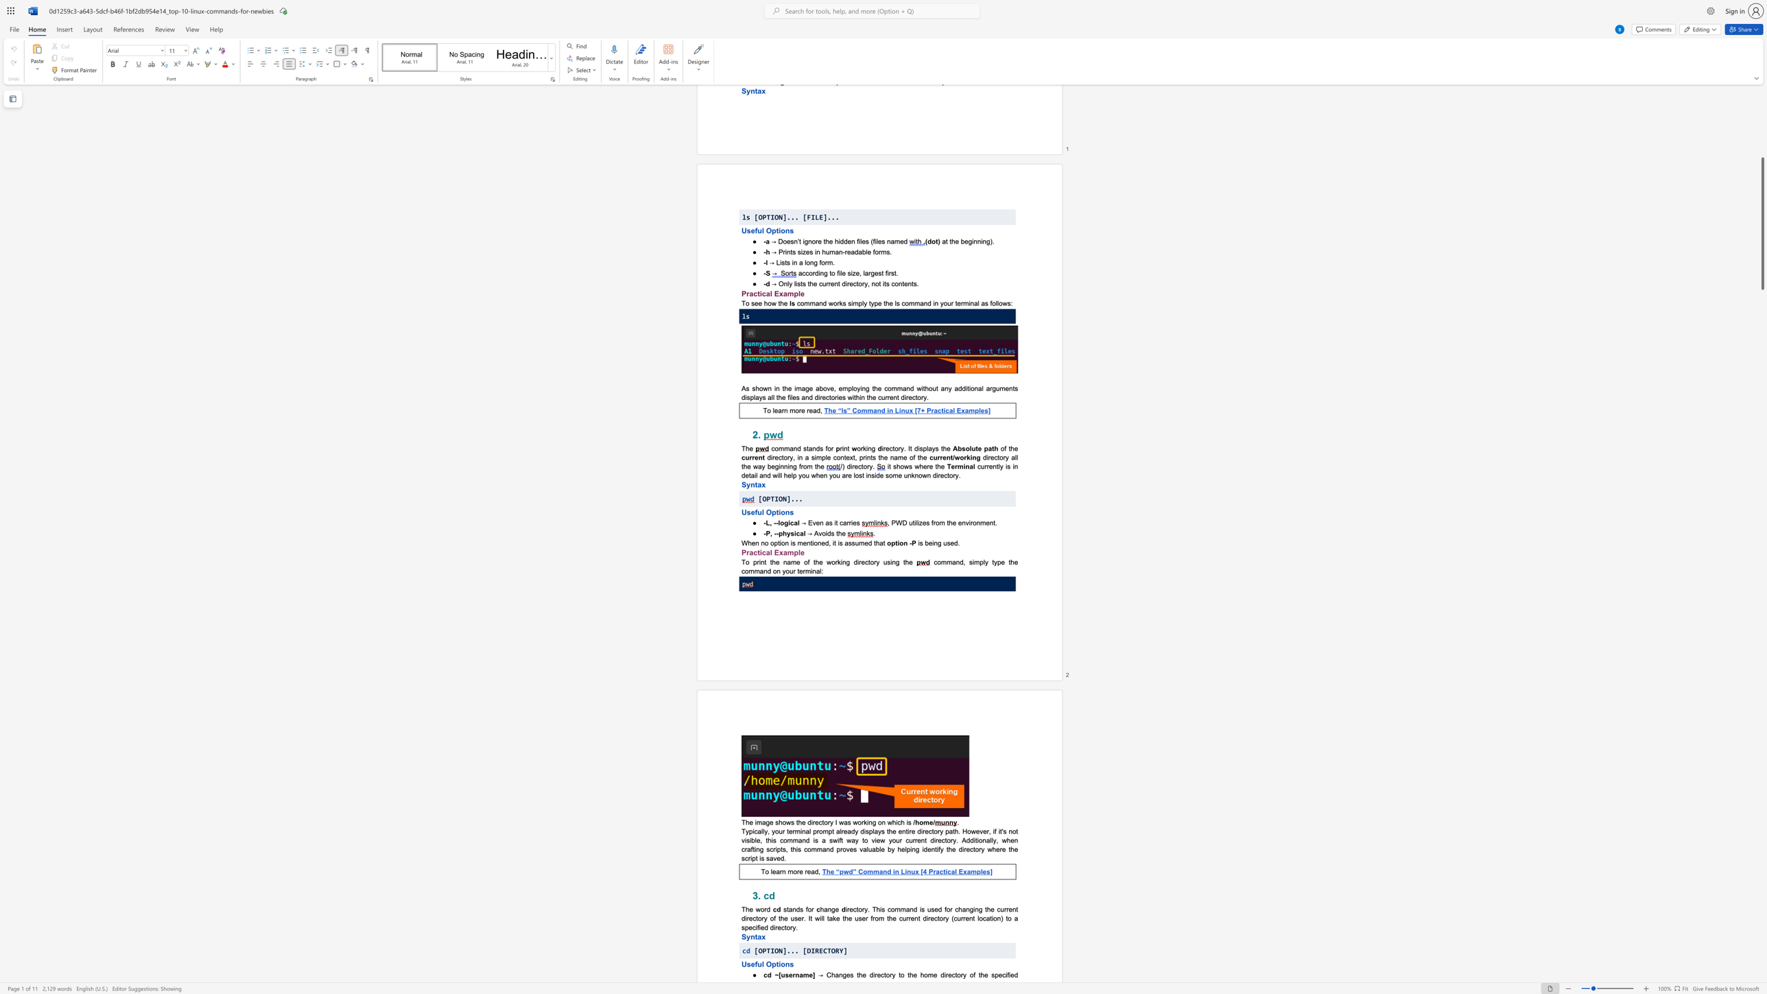 The image size is (1767, 994). Describe the element at coordinates (790, 532) in the screenshot. I see `the subset text "si" within the text "-P, --physical"` at that location.